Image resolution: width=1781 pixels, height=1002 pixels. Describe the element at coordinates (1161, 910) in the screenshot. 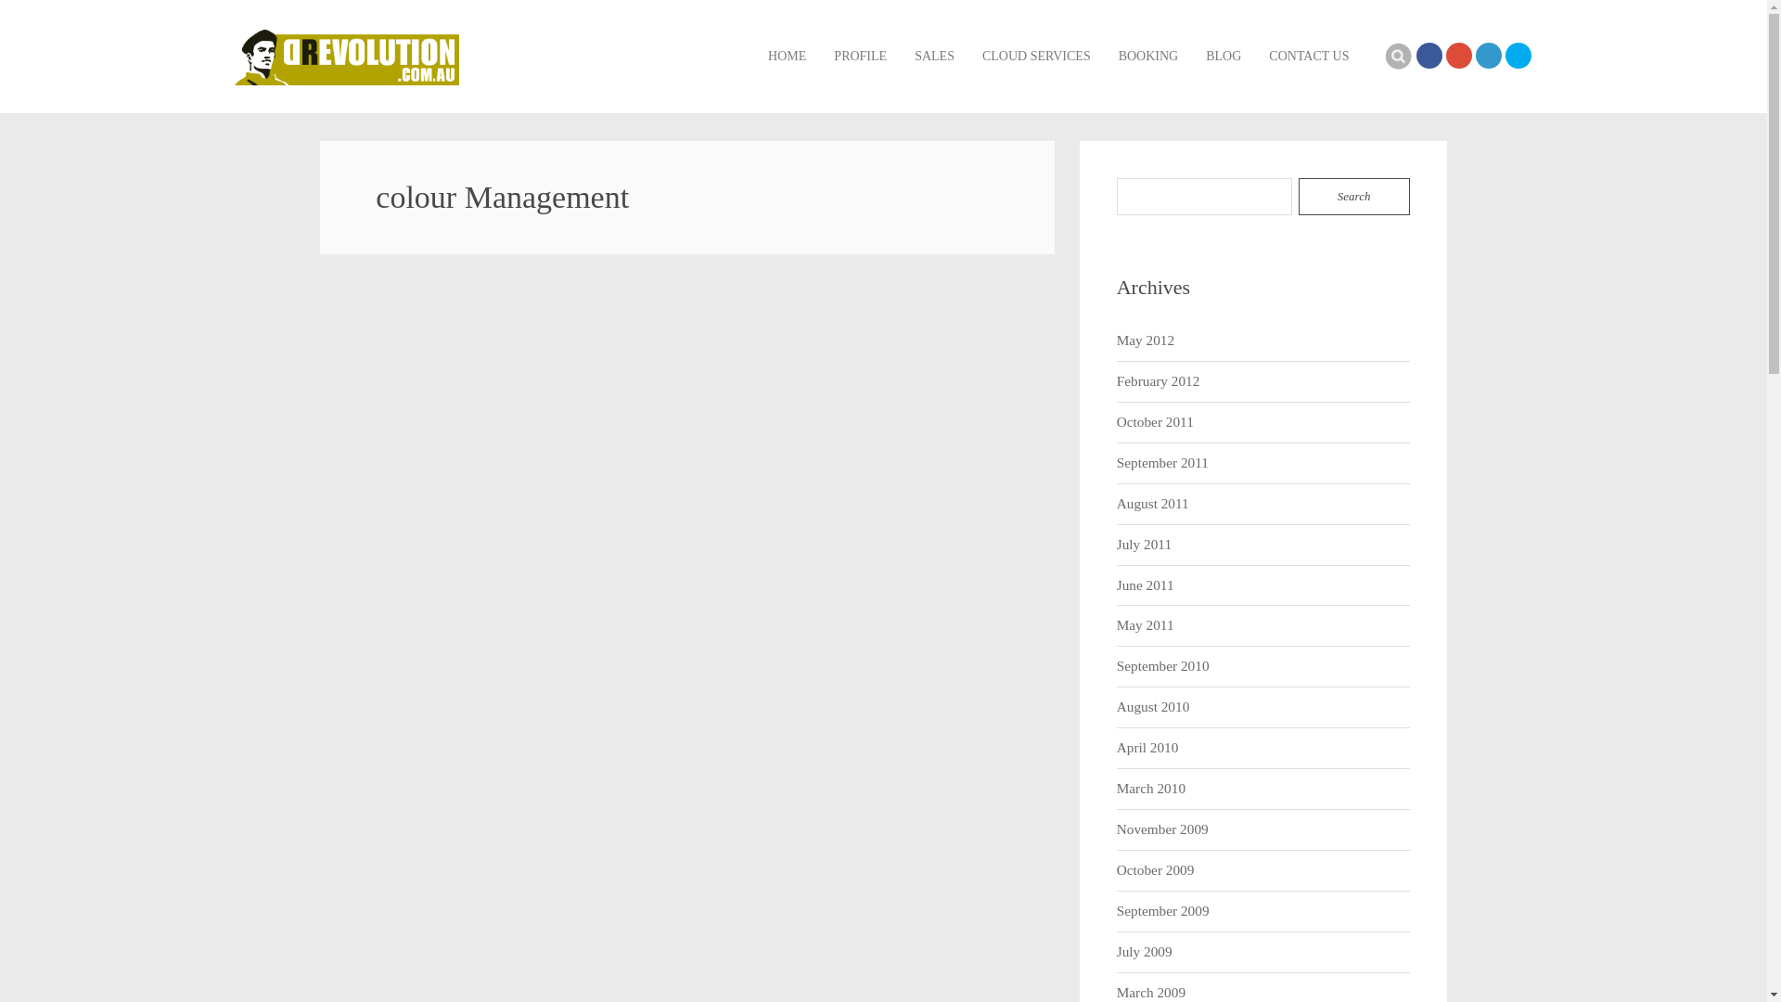

I see `'September 2009'` at that location.